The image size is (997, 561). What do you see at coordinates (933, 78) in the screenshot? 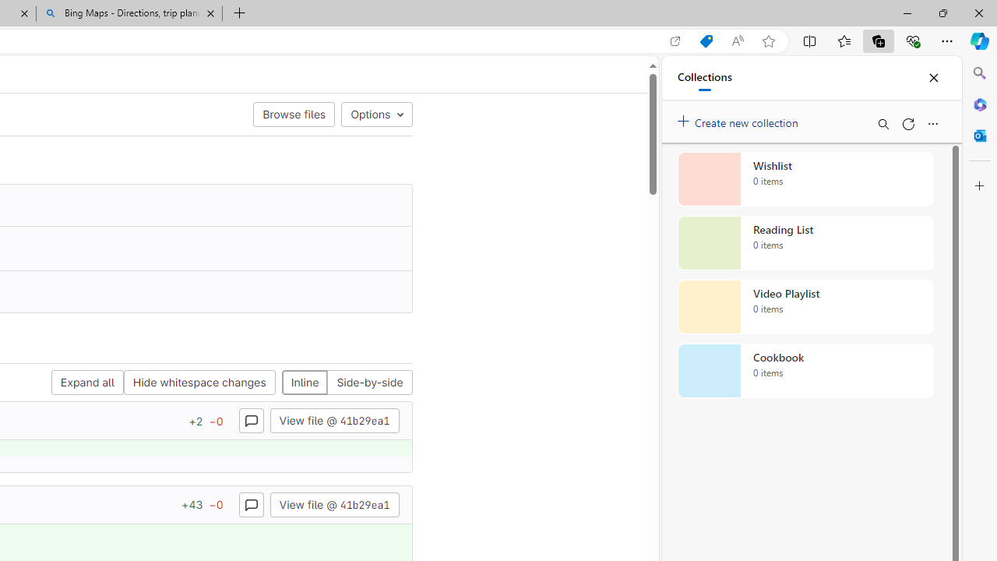
I see `'Close'` at bounding box center [933, 78].